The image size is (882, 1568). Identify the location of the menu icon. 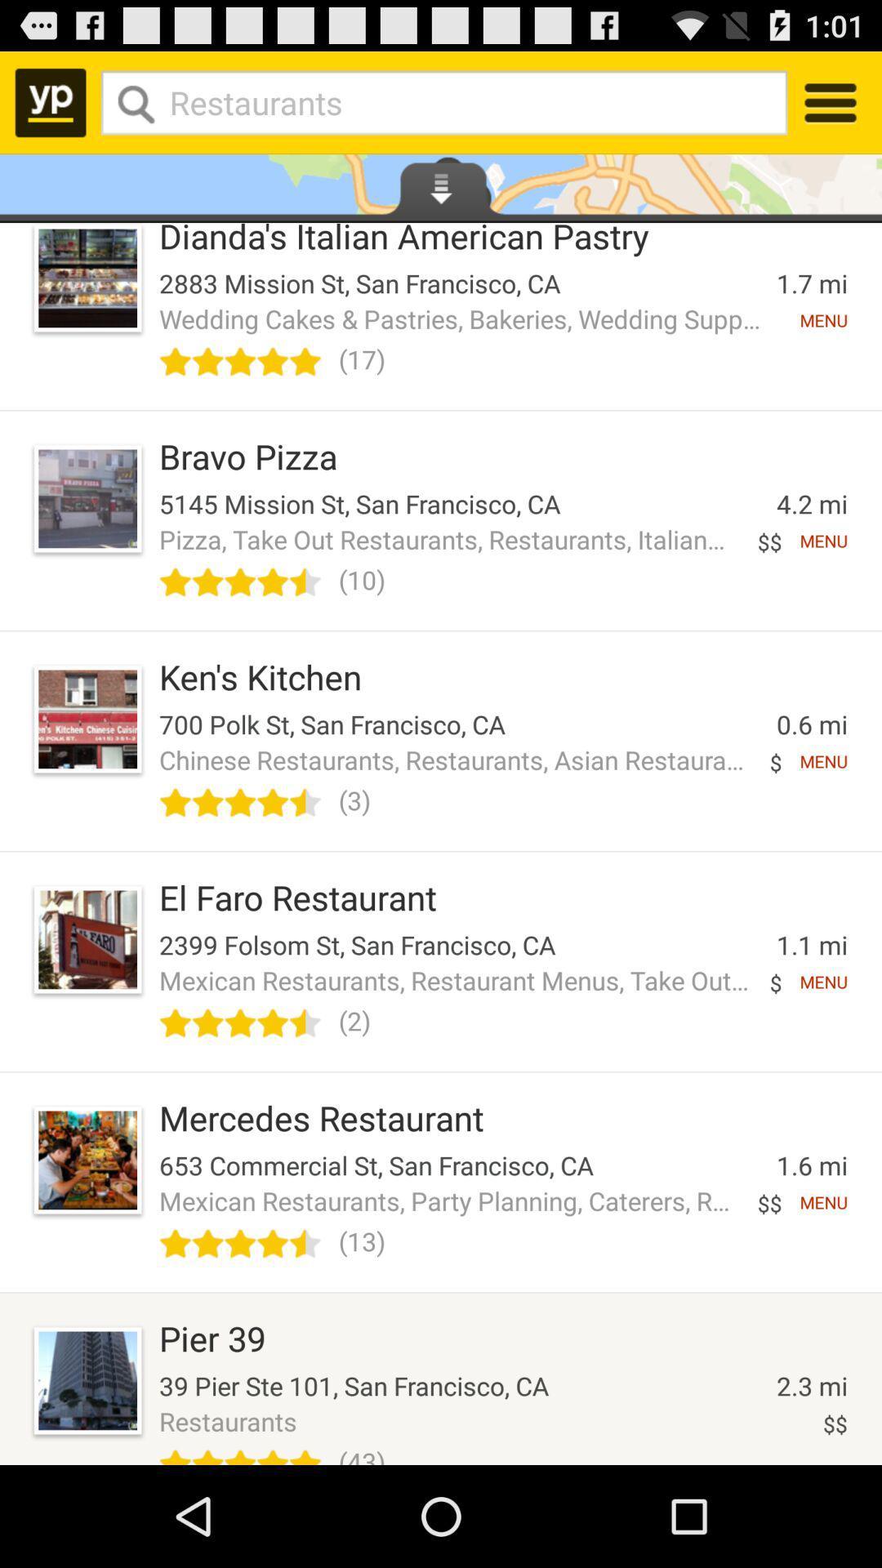
(835, 109).